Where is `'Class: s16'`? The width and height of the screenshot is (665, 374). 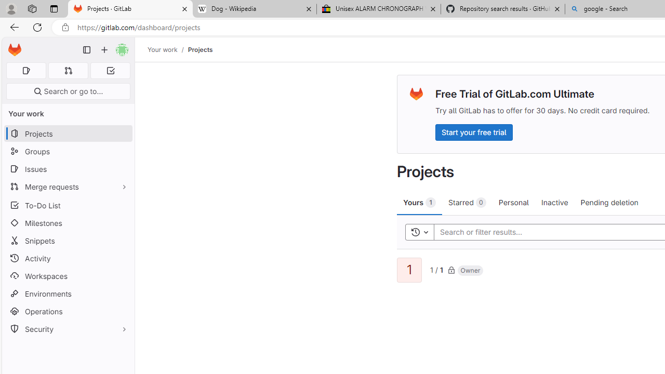
'Class: s16' is located at coordinates (451, 269).